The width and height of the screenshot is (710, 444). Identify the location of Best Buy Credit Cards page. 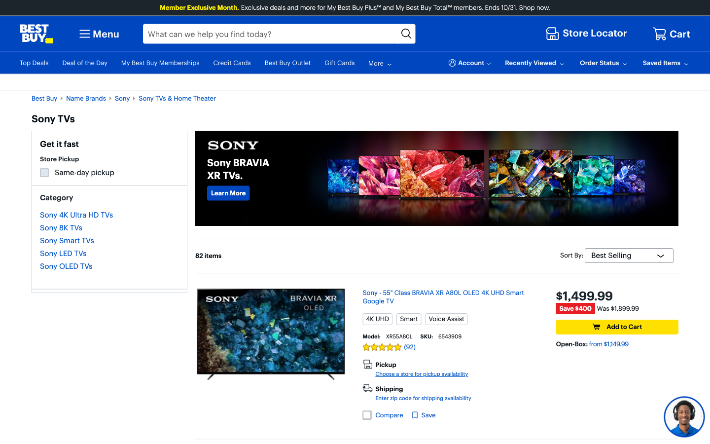
(228, 192).